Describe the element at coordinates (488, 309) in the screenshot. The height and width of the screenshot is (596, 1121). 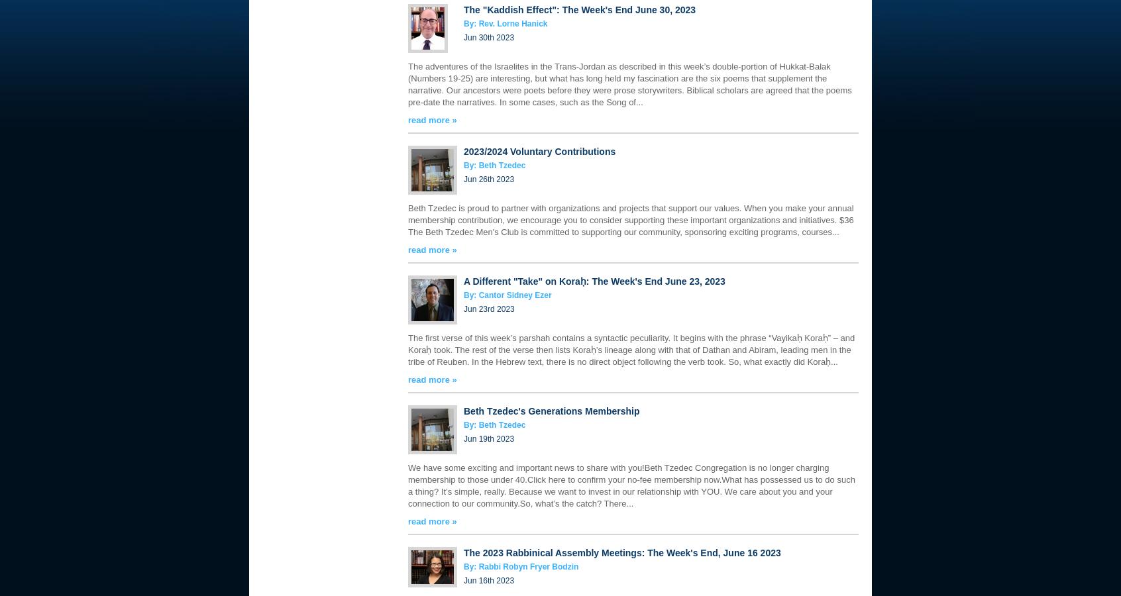
I see `'Jun 23rd 2023'` at that location.